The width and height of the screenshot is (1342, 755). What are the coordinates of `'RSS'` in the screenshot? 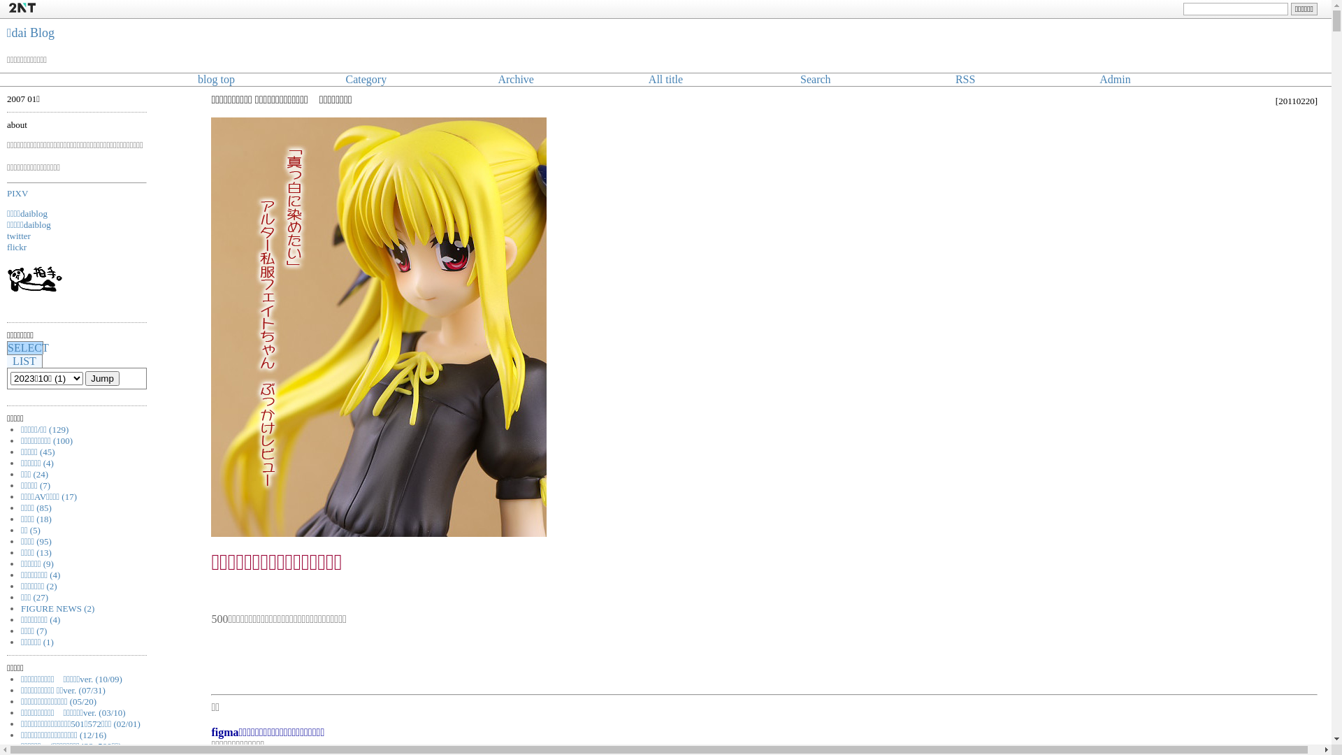 It's located at (955, 79).